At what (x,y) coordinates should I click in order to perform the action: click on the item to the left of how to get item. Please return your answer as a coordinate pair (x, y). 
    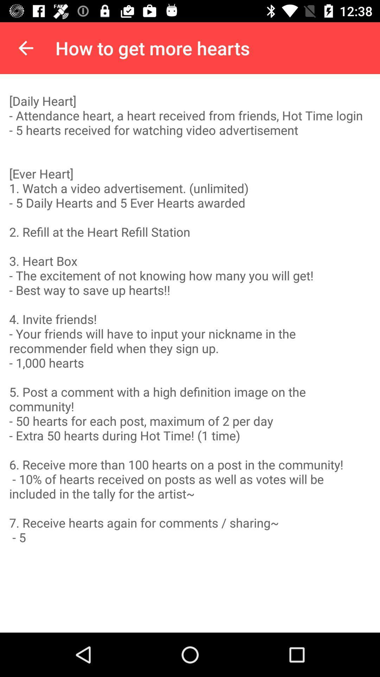
    Looking at the image, I should click on (25, 48).